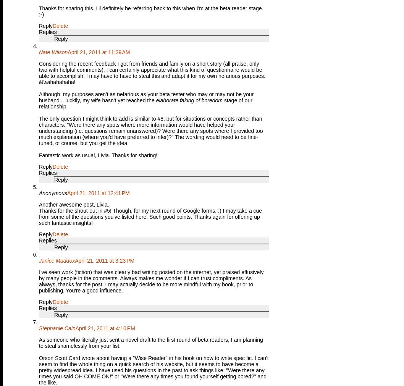 The height and width of the screenshot is (386, 404). Describe the element at coordinates (98, 155) in the screenshot. I see `'Fantastic work as usual, Livia. Thanks for sharing!'` at that location.